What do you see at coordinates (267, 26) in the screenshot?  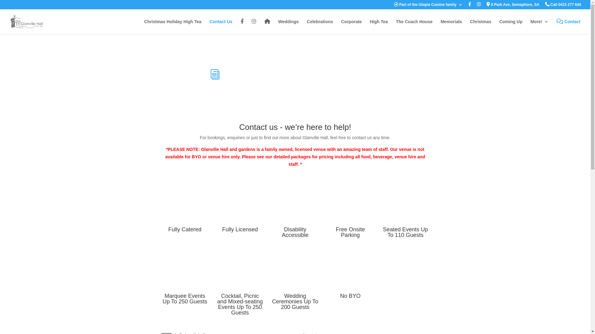 I see `'Home'` at bounding box center [267, 26].